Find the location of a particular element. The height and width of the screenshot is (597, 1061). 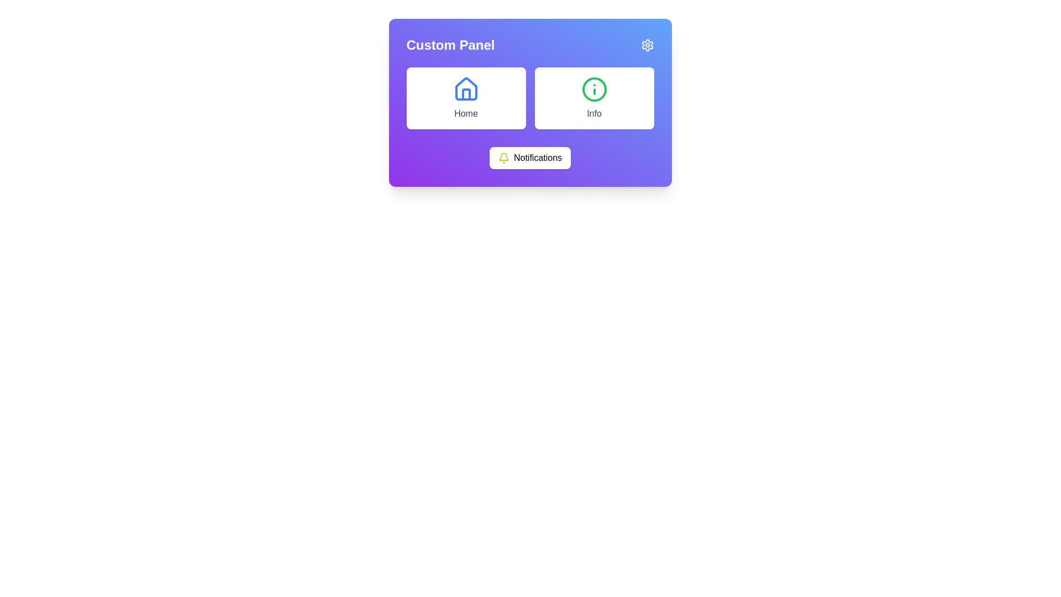

informational text labeled 'Info' displayed in gray font, which is centered below the information icon is located at coordinates (593, 113).